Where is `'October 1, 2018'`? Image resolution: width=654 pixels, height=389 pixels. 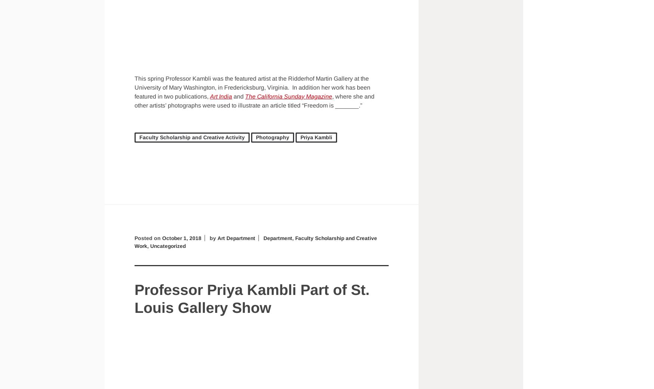
'October 1, 2018' is located at coordinates (182, 237).